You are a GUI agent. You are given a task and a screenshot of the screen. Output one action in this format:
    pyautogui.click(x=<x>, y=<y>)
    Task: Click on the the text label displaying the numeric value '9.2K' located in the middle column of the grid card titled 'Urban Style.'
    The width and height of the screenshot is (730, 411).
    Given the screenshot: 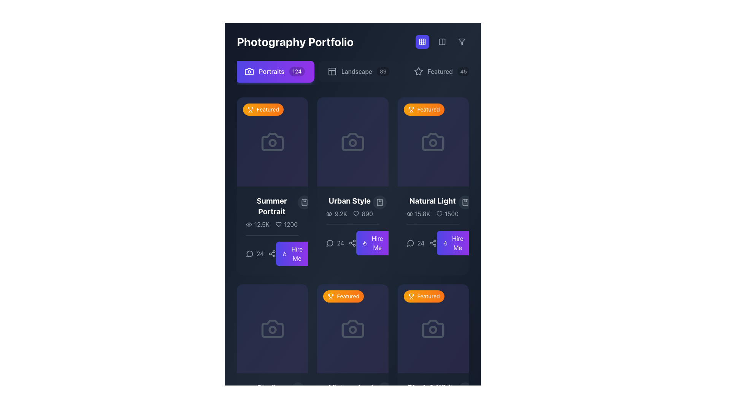 What is the action you would take?
    pyautogui.click(x=336, y=214)
    